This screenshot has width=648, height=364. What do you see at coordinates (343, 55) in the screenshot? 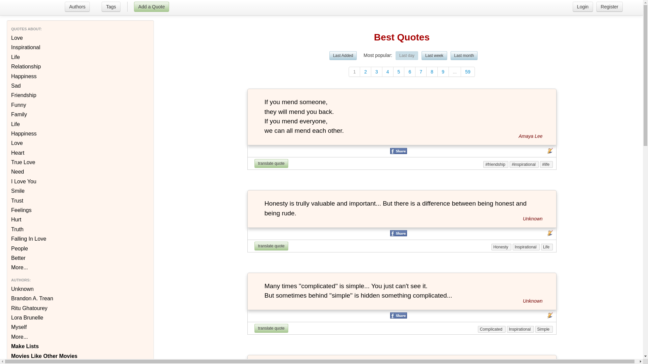
I see `'Last Added'` at bounding box center [343, 55].